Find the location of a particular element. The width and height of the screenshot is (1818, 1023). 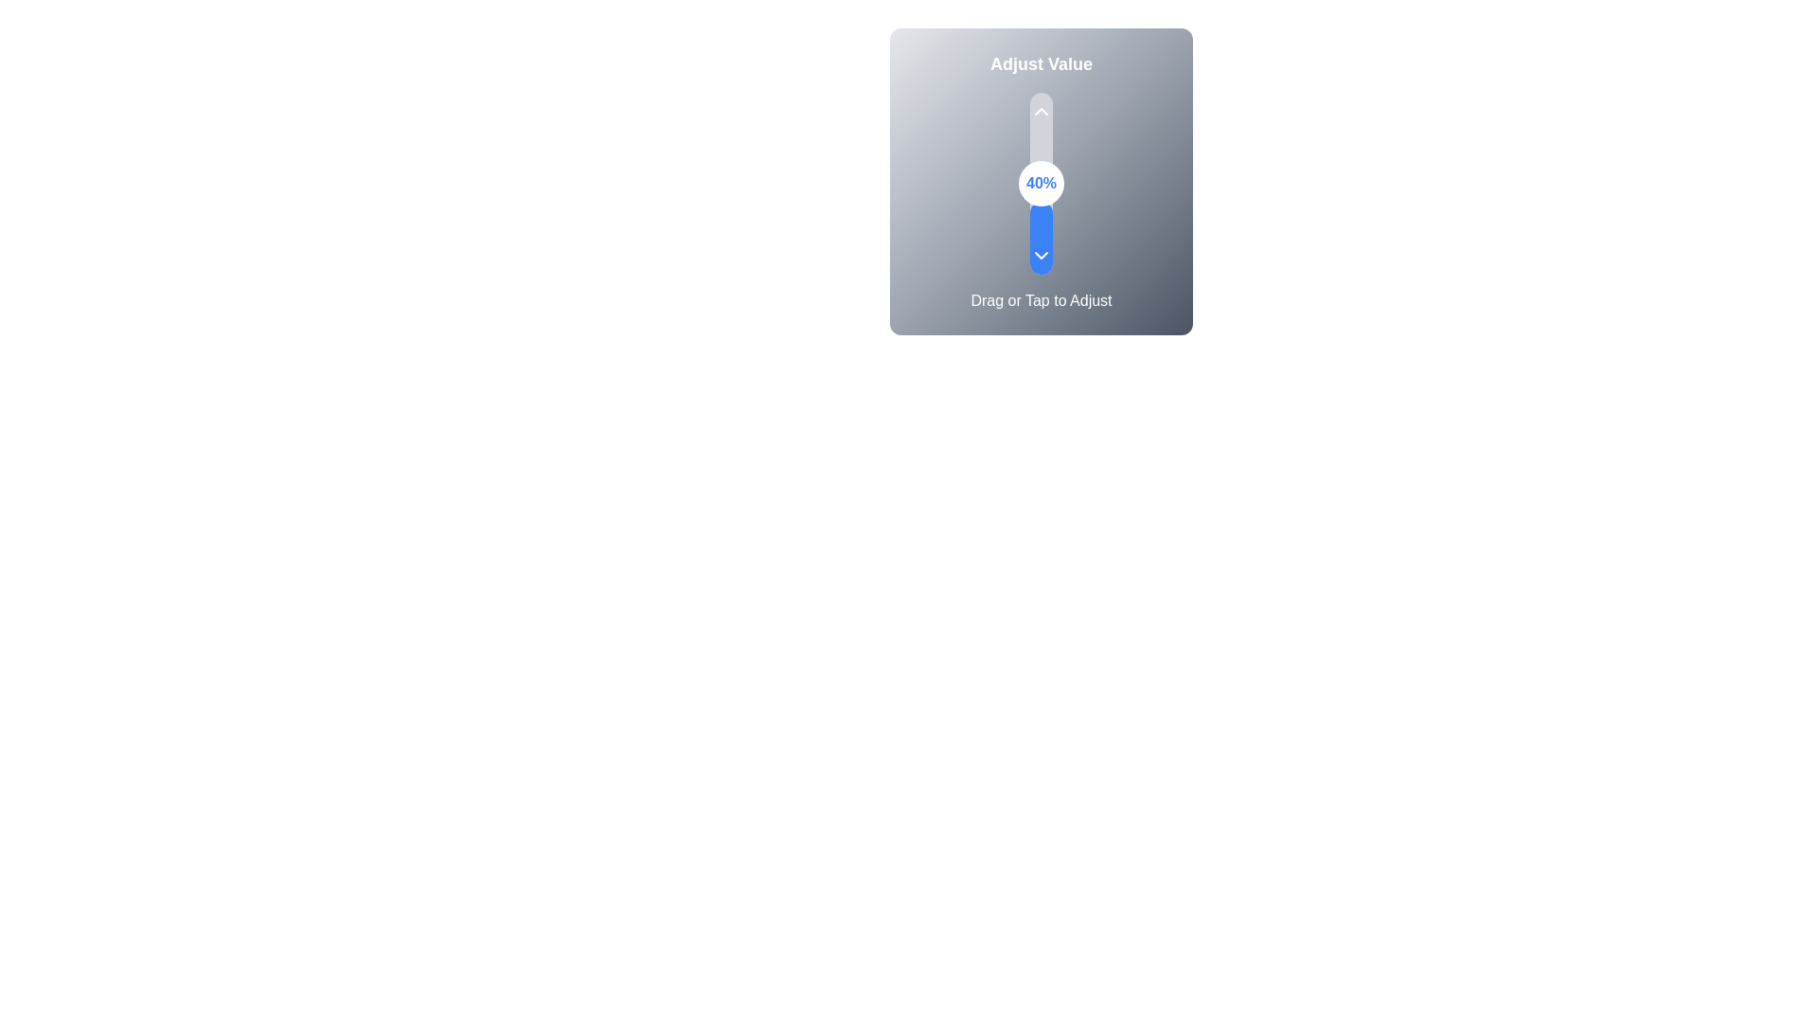

the slider value is located at coordinates (1040, 137).